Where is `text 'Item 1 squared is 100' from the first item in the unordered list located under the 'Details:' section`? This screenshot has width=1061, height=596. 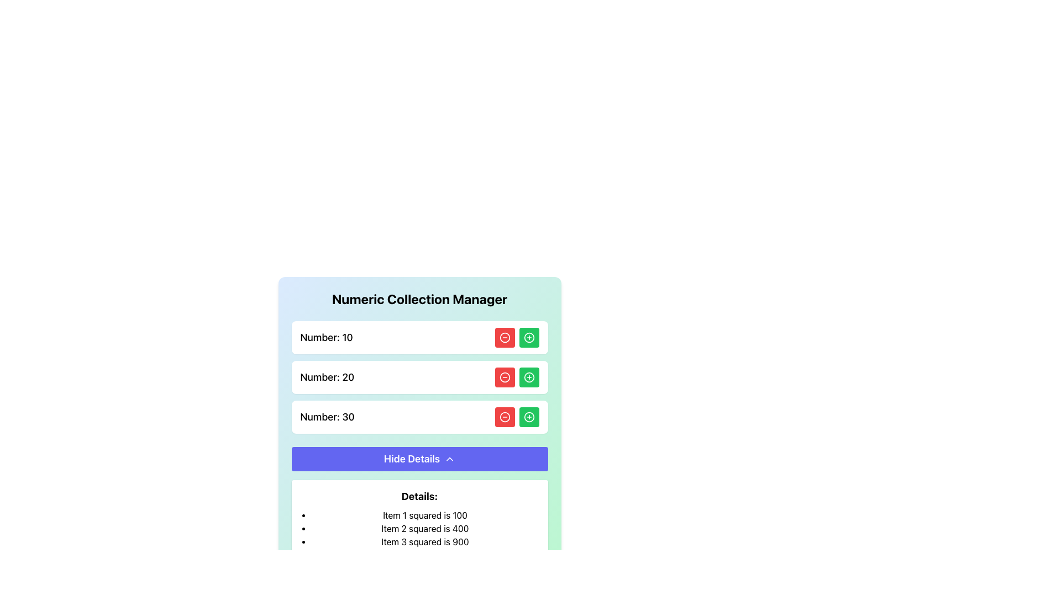
text 'Item 1 squared is 100' from the first item in the unordered list located under the 'Details:' section is located at coordinates (424, 515).